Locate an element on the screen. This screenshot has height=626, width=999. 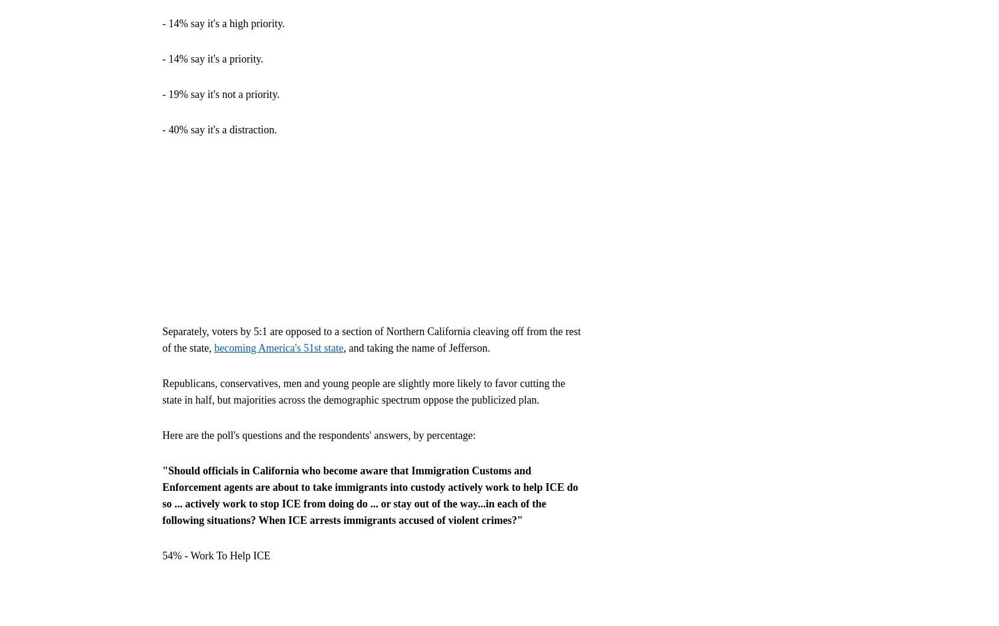
'- 40% say it's a distraction.' is located at coordinates (220, 128).